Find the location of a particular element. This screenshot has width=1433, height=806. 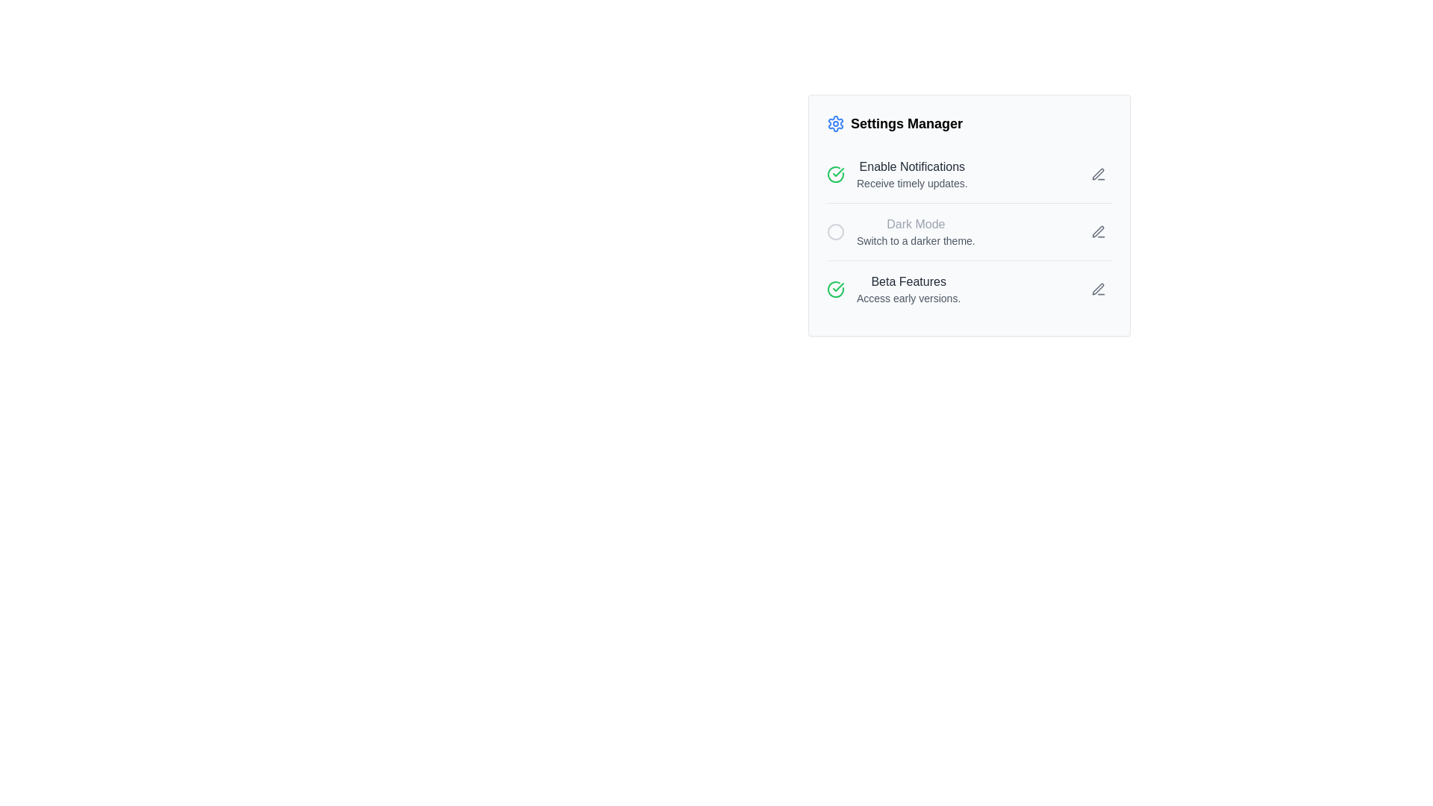

the Icon button for editing the 'Dark Mode' setting, which is located to the right of the 'Dark Mode' text is located at coordinates (1099, 232).